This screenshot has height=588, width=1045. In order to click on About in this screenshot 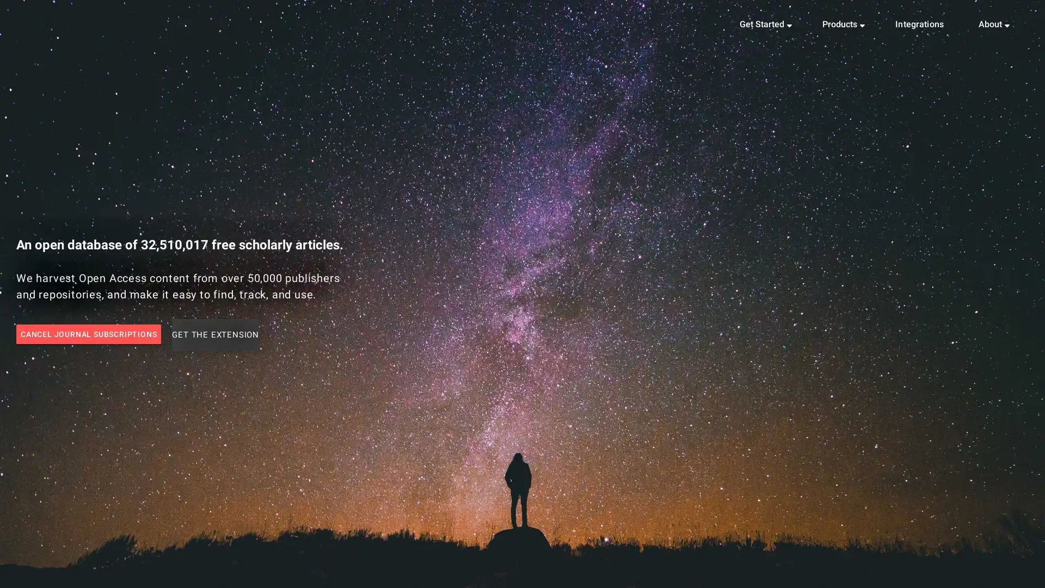, I will do `click(993, 23)`.